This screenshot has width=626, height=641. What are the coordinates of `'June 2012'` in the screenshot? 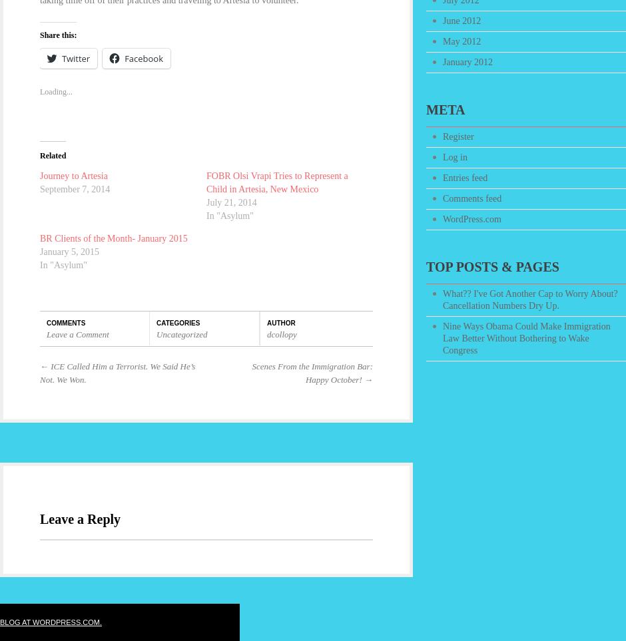 It's located at (461, 20).